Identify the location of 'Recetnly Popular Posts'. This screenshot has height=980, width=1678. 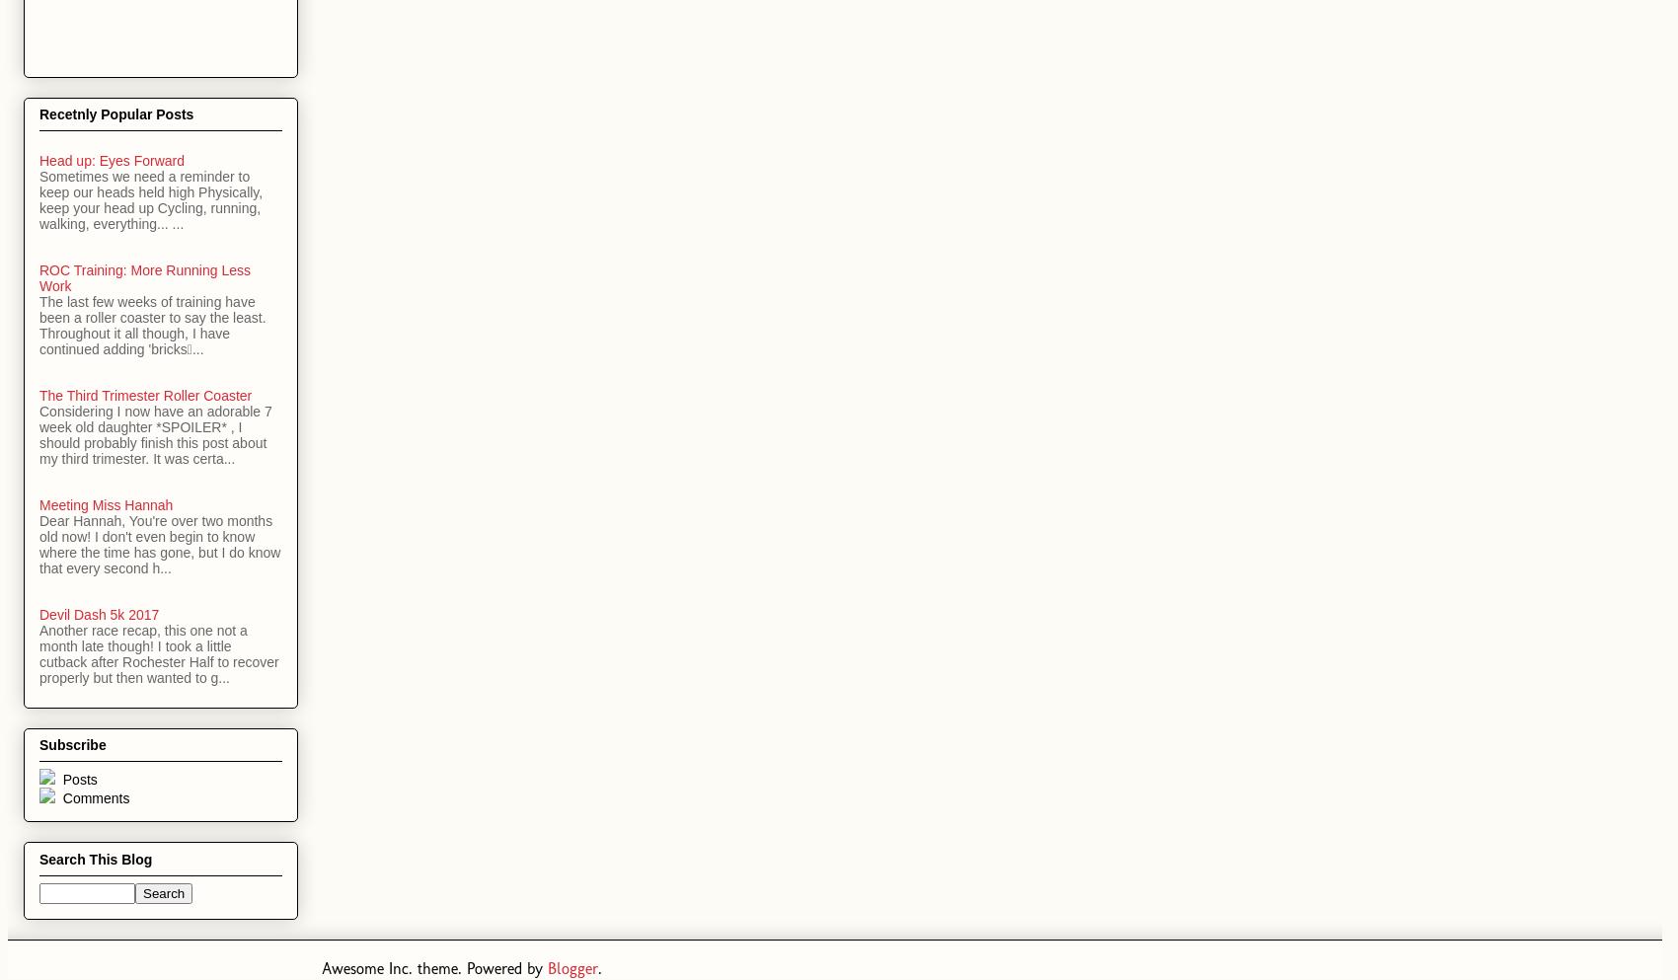
(114, 113).